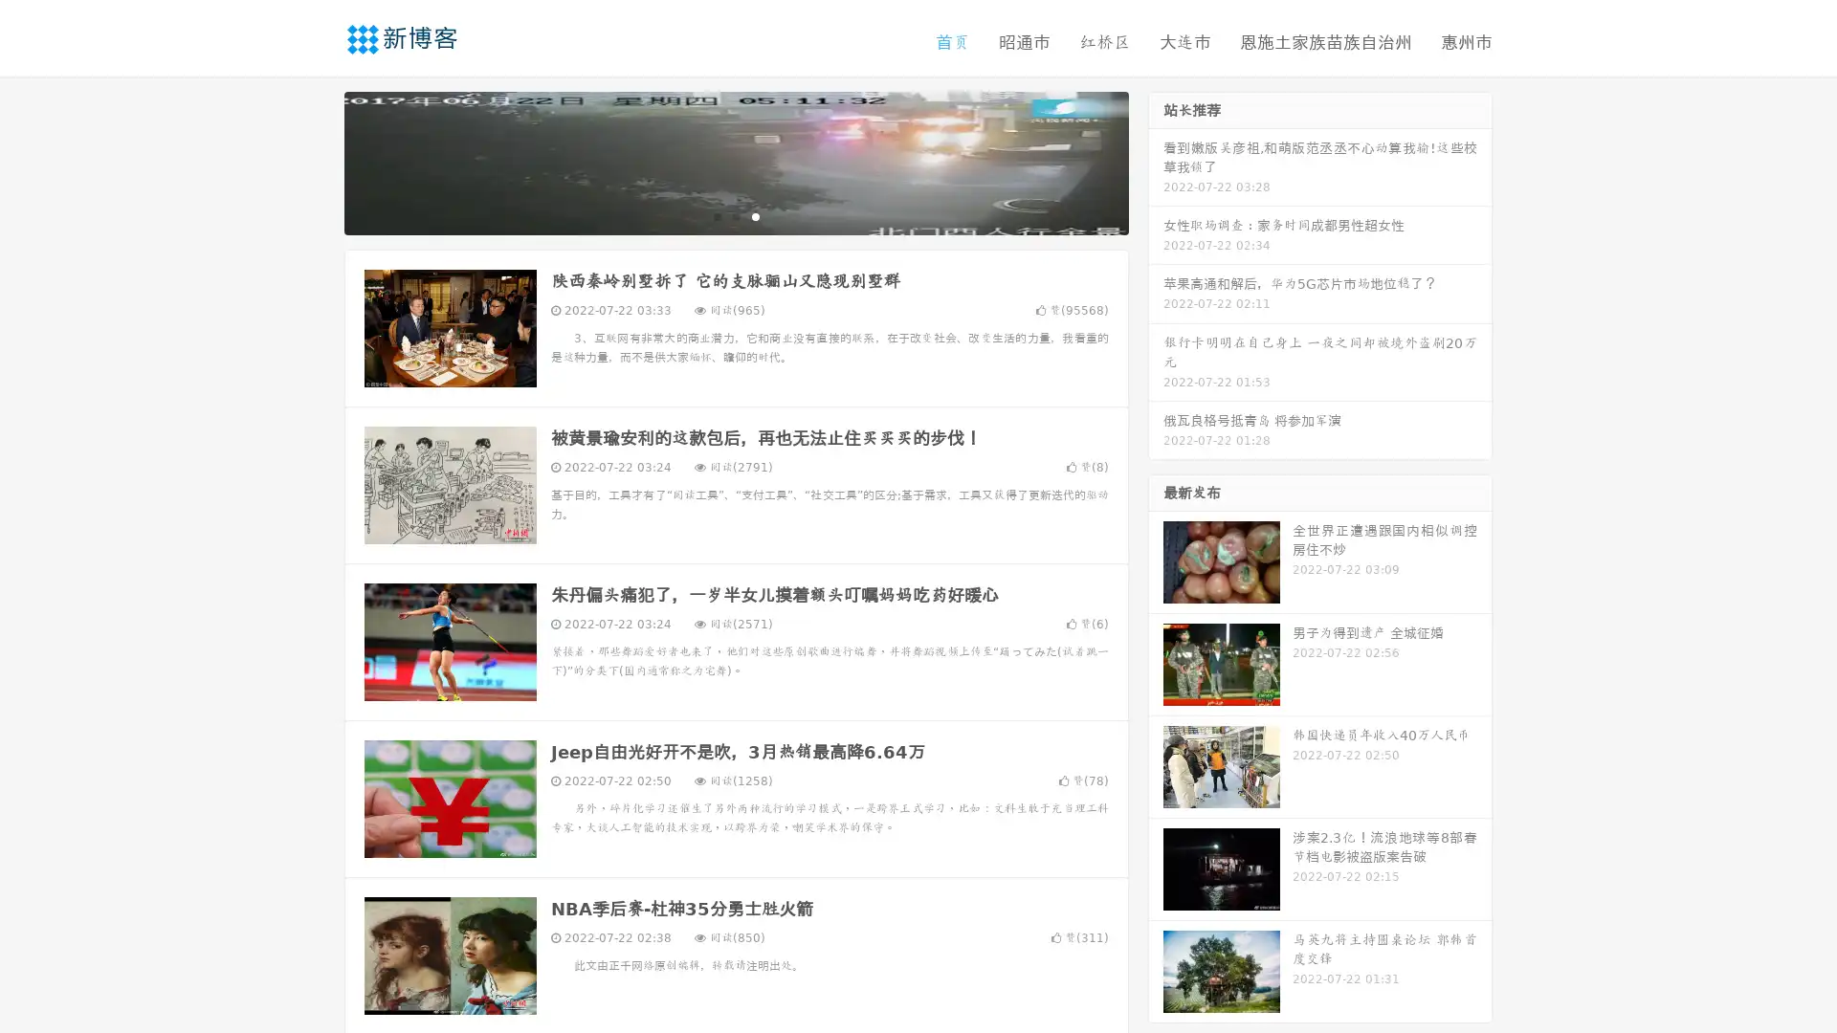 The height and width of the screenshot is (1033, 1837). What do you see at coordinates (735, 215) in the screenshot?
I see `Go to slide 2` at bounding box center [735, 215].